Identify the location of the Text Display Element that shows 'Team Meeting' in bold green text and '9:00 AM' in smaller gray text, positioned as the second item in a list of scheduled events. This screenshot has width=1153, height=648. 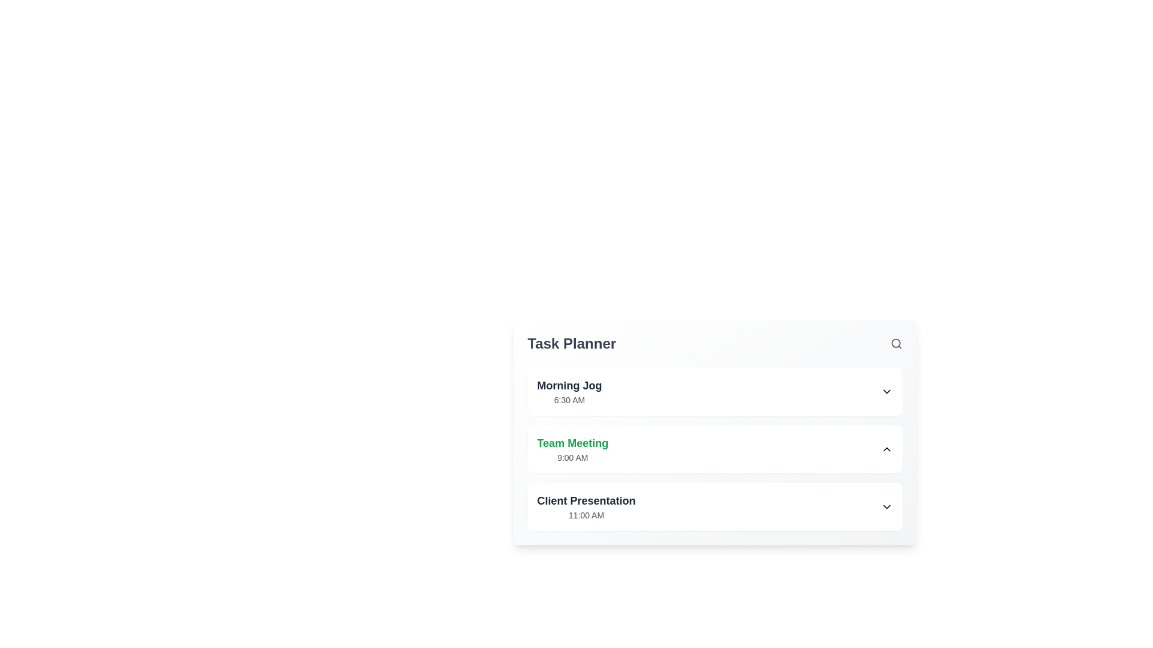
(572, 449).